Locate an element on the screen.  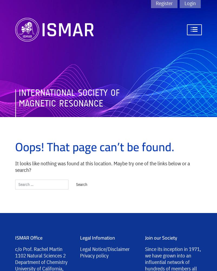
'Register' is located at coordinates (156, 3).